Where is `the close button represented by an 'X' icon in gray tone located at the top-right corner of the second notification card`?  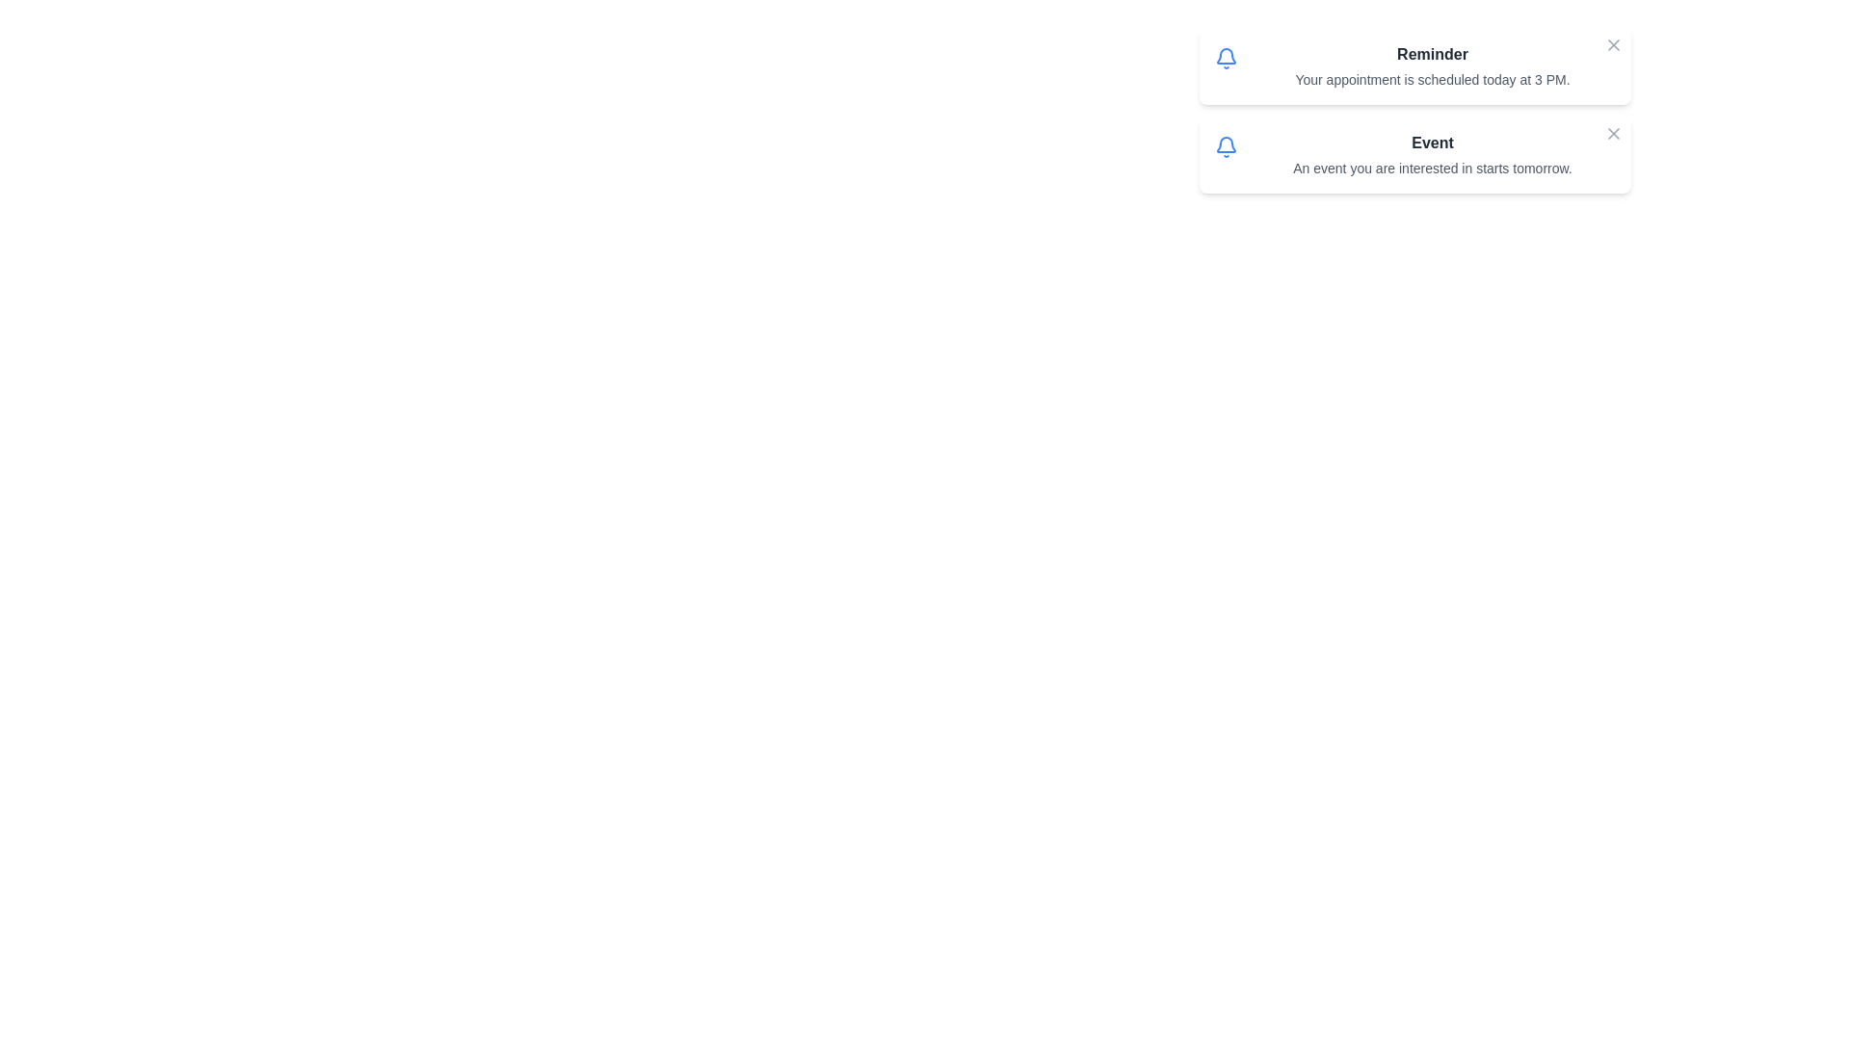
the close button represented by an 'X' icon in gray tone located at the top-right corner of the second notification card is located at coordinates (1614, 132).